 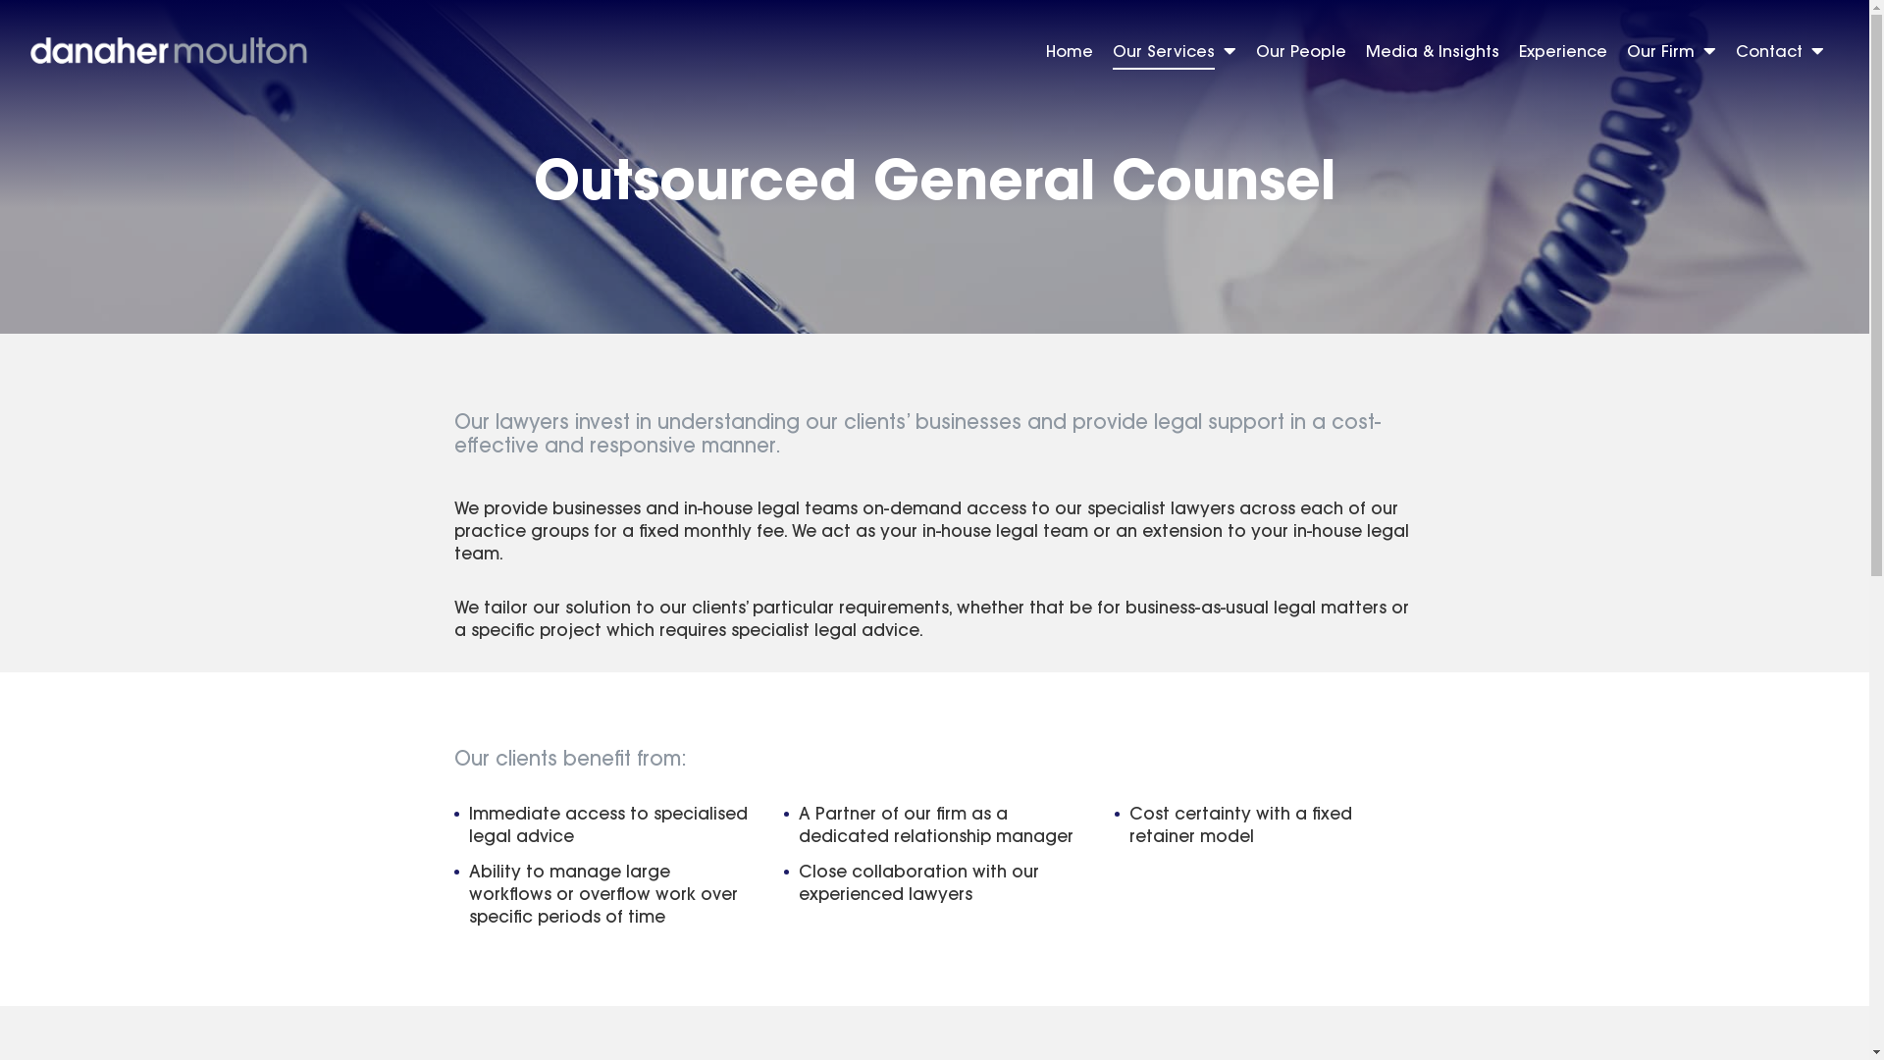 I want to click on 'Our People', so click(x=1300, y=53).